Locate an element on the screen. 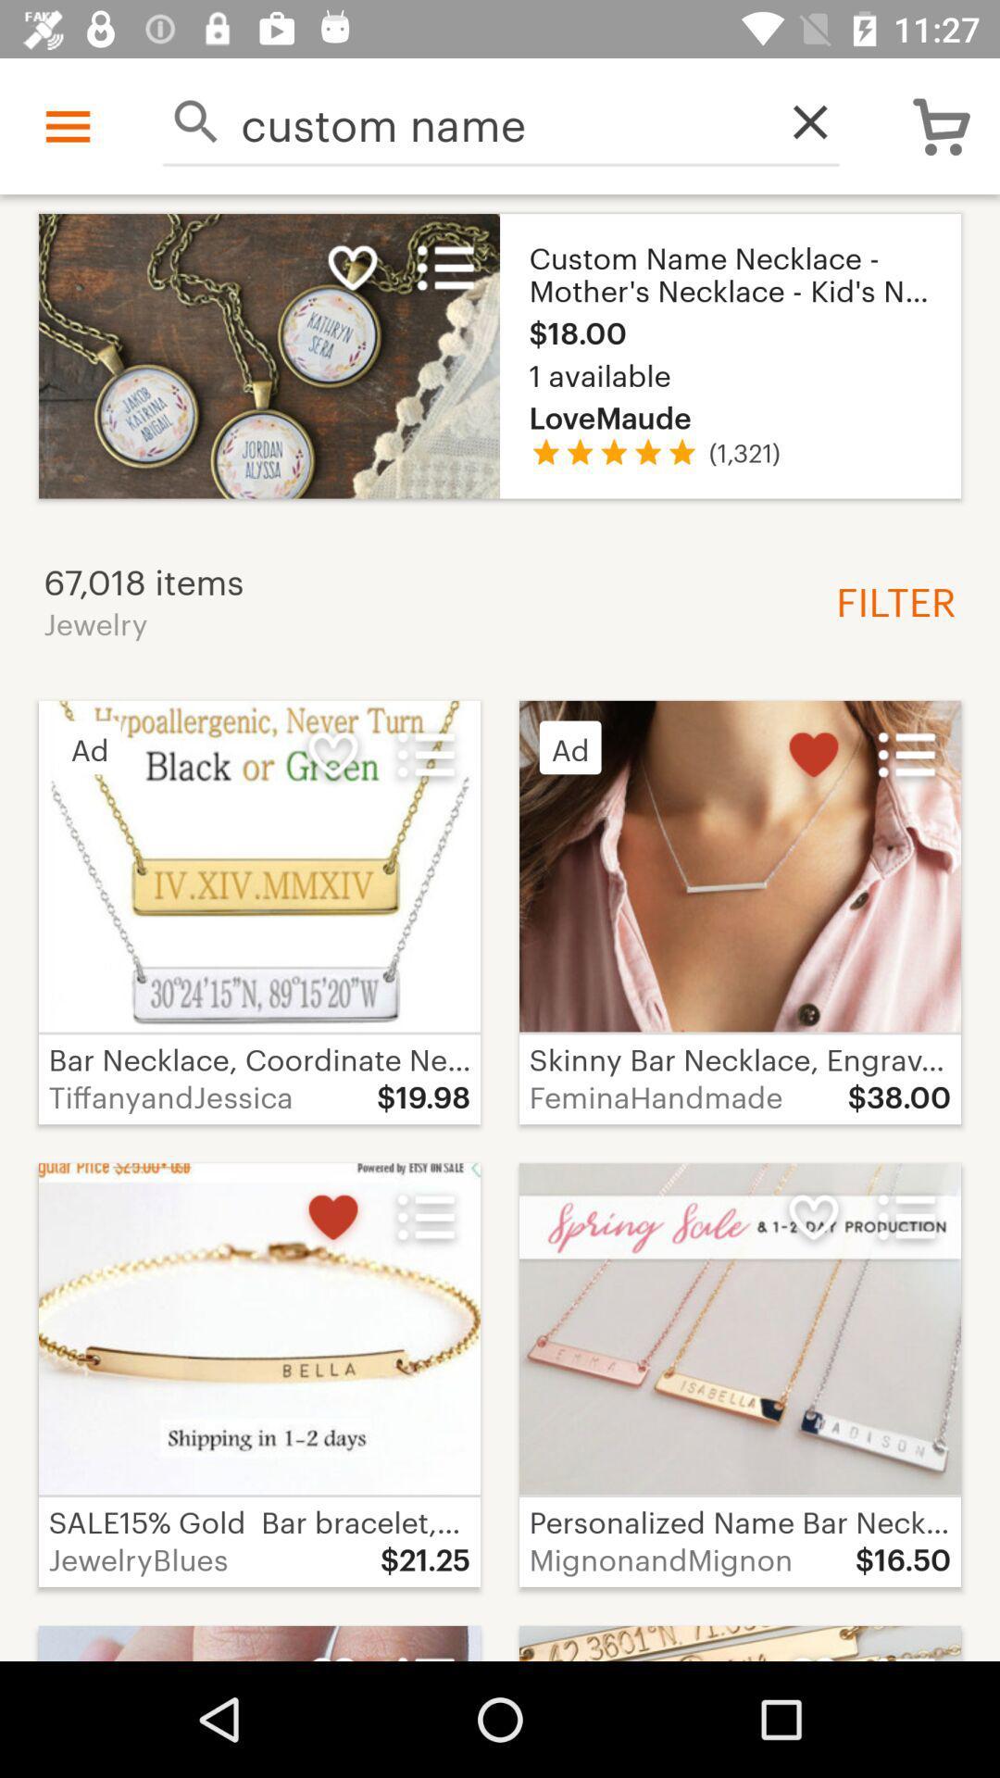 The height and width of the screenshot is (1778, 1000). the second white colored heart icon of the page is located at coordinates (331, 755).